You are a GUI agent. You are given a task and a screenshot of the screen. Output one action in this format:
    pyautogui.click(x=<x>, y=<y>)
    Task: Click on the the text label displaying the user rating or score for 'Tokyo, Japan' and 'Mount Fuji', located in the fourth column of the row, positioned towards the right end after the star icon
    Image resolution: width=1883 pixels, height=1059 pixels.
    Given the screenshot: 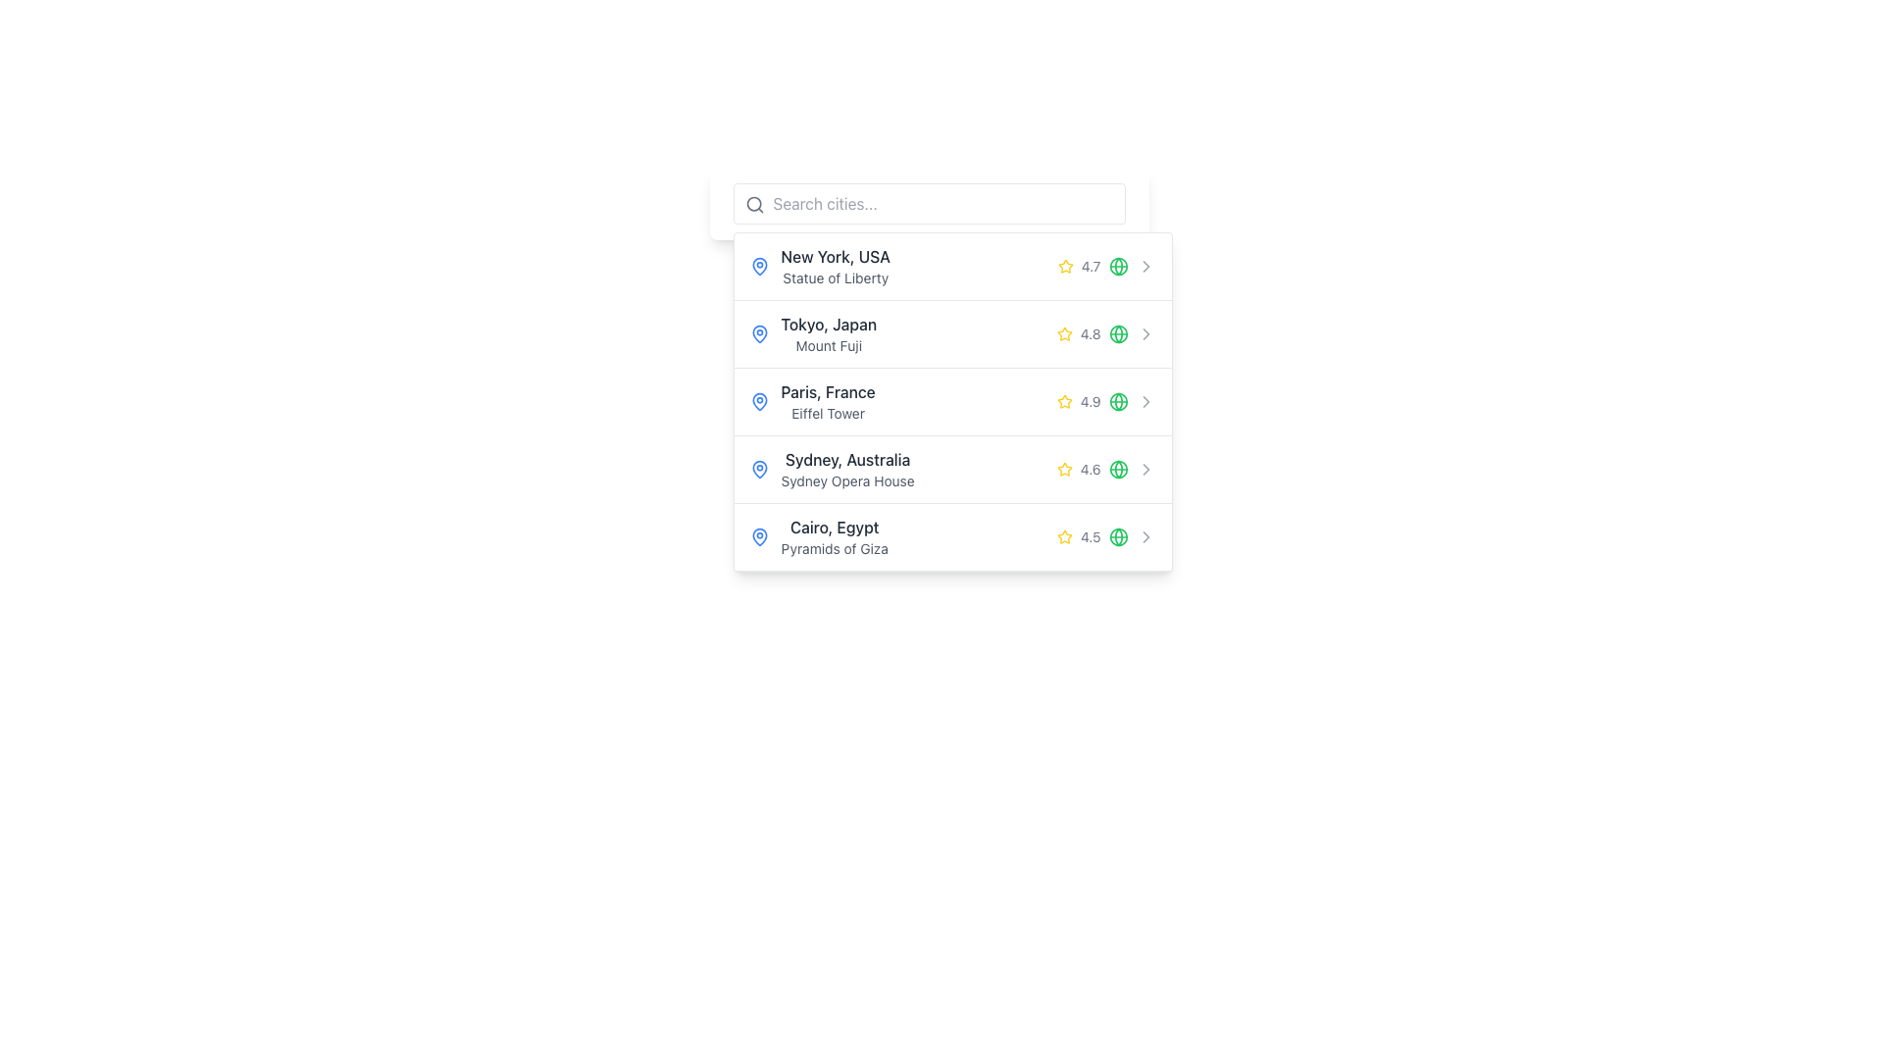 What is the action you would take?
    pyautogui.click(x=1092, y=332)
    